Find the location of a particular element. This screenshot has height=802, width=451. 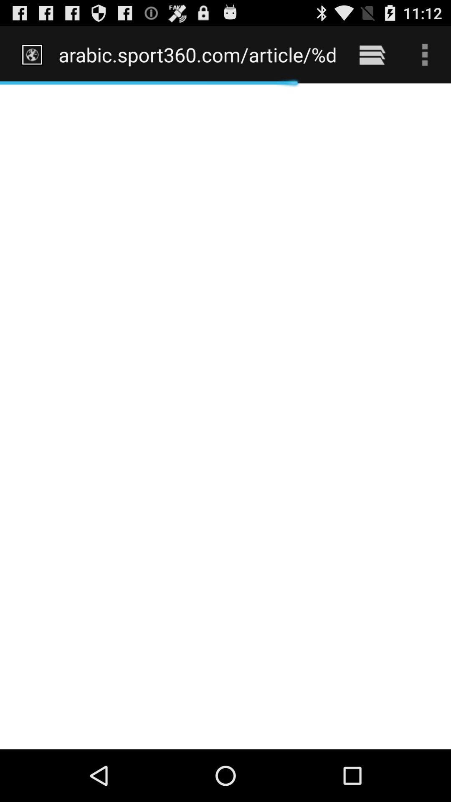

the icon to the right of the arabic sport360 com is located at coordinates (372, 54).